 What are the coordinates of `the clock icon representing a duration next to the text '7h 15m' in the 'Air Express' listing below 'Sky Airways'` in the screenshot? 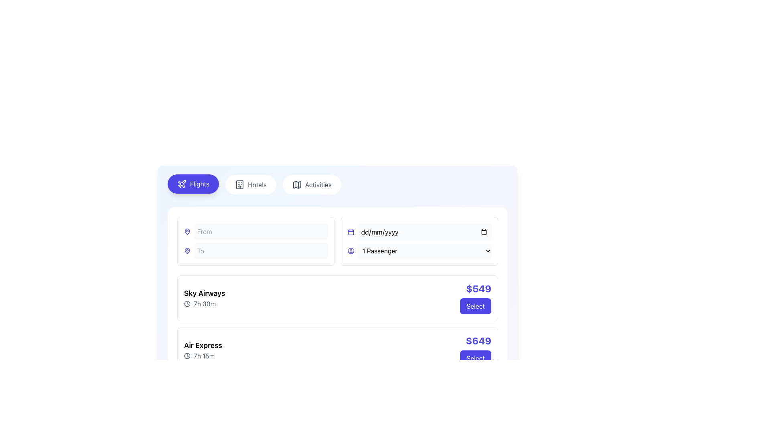 It's located at (186, 355).